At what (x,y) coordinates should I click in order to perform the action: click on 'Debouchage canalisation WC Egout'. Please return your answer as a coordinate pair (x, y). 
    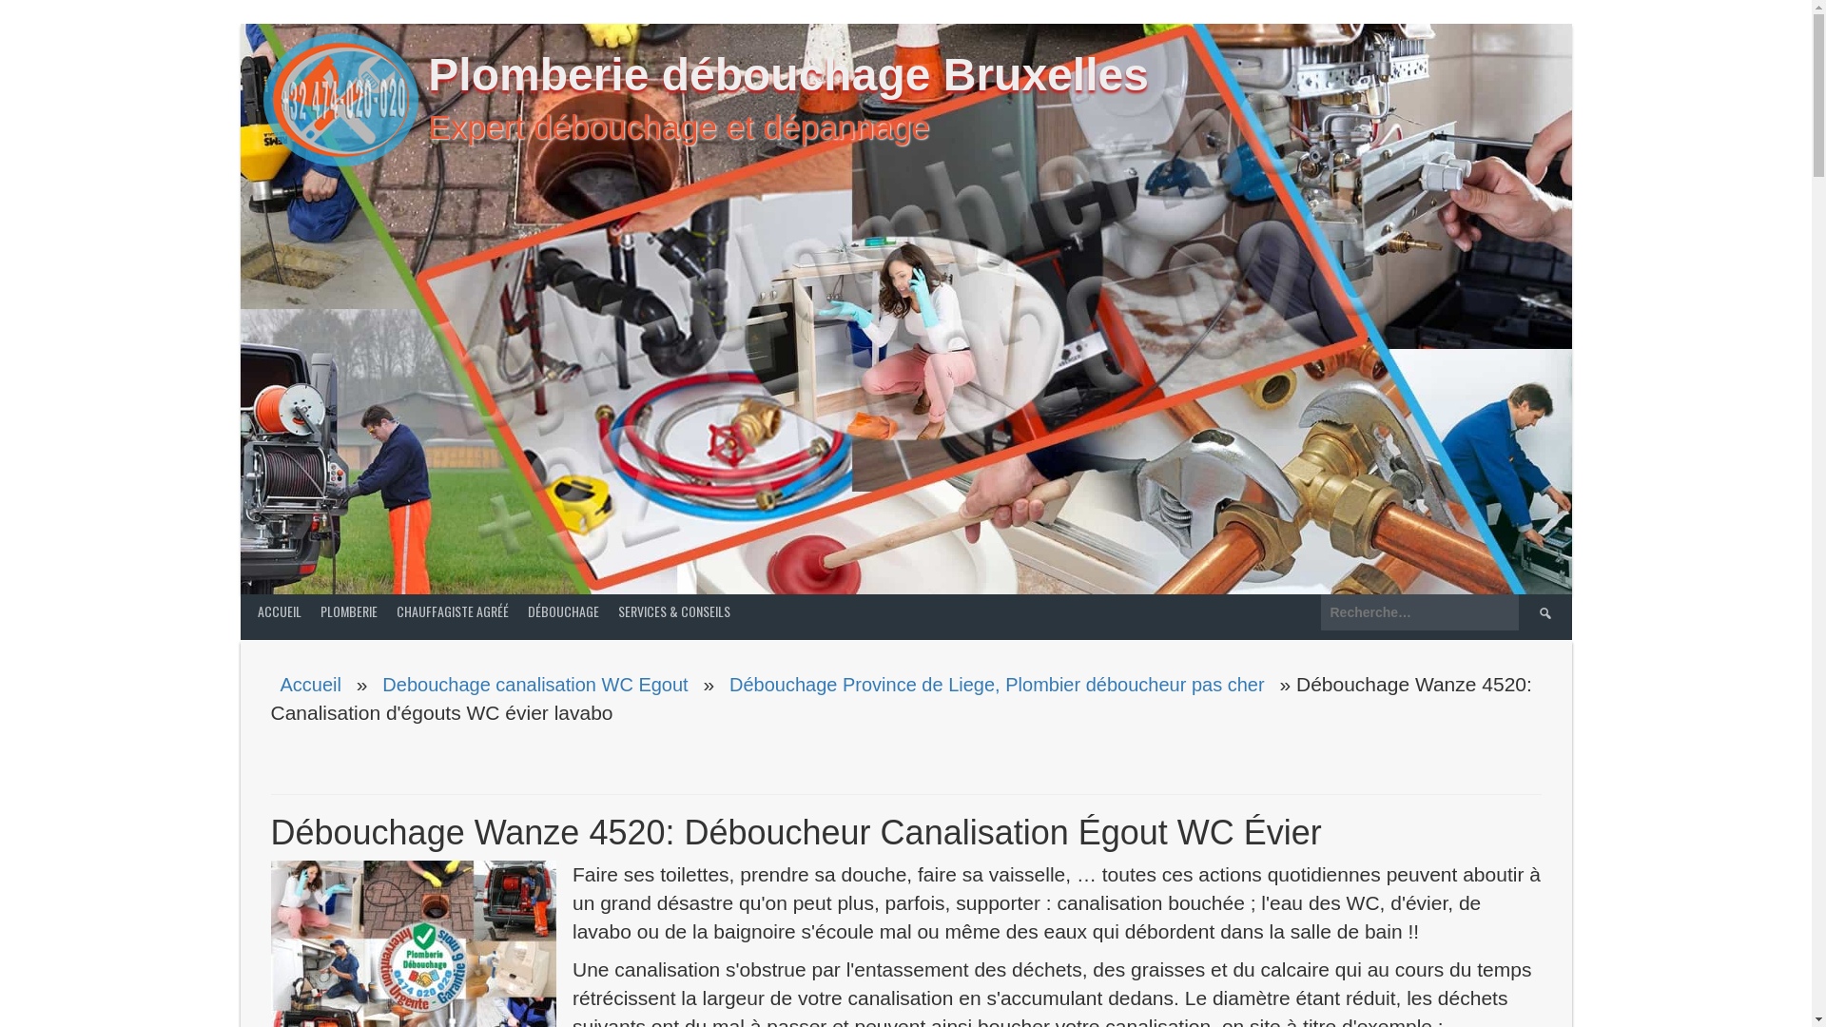
    Looking at the image, I should click on (534, 682).